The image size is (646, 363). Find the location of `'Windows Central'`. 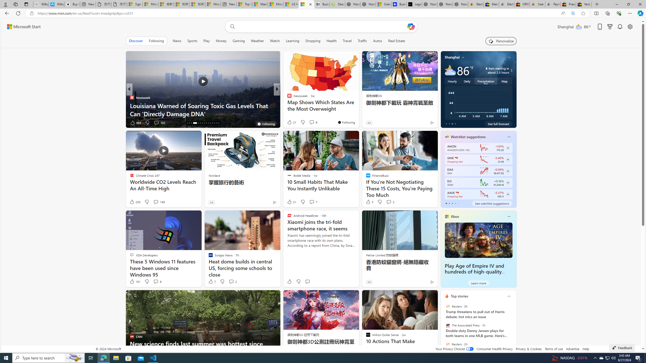

'Windows Central' is located at coordinates (287, 97).